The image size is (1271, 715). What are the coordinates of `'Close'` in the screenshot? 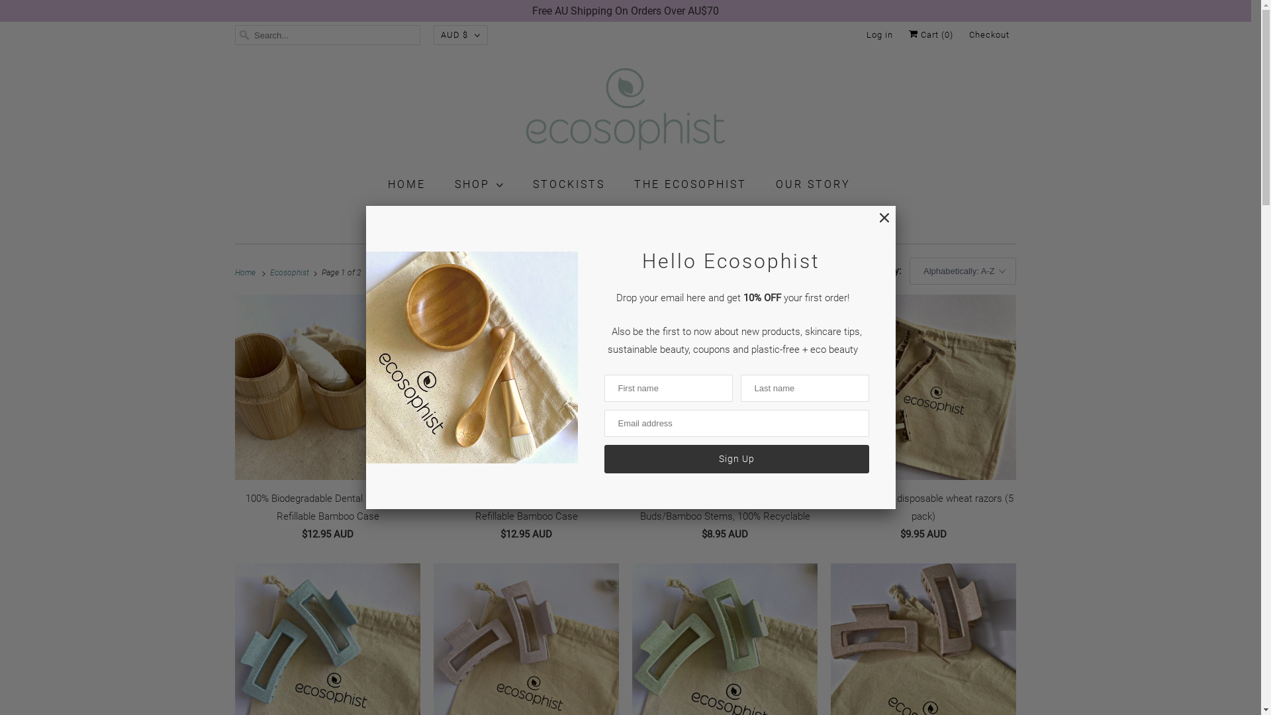 It's located at (876, 224).